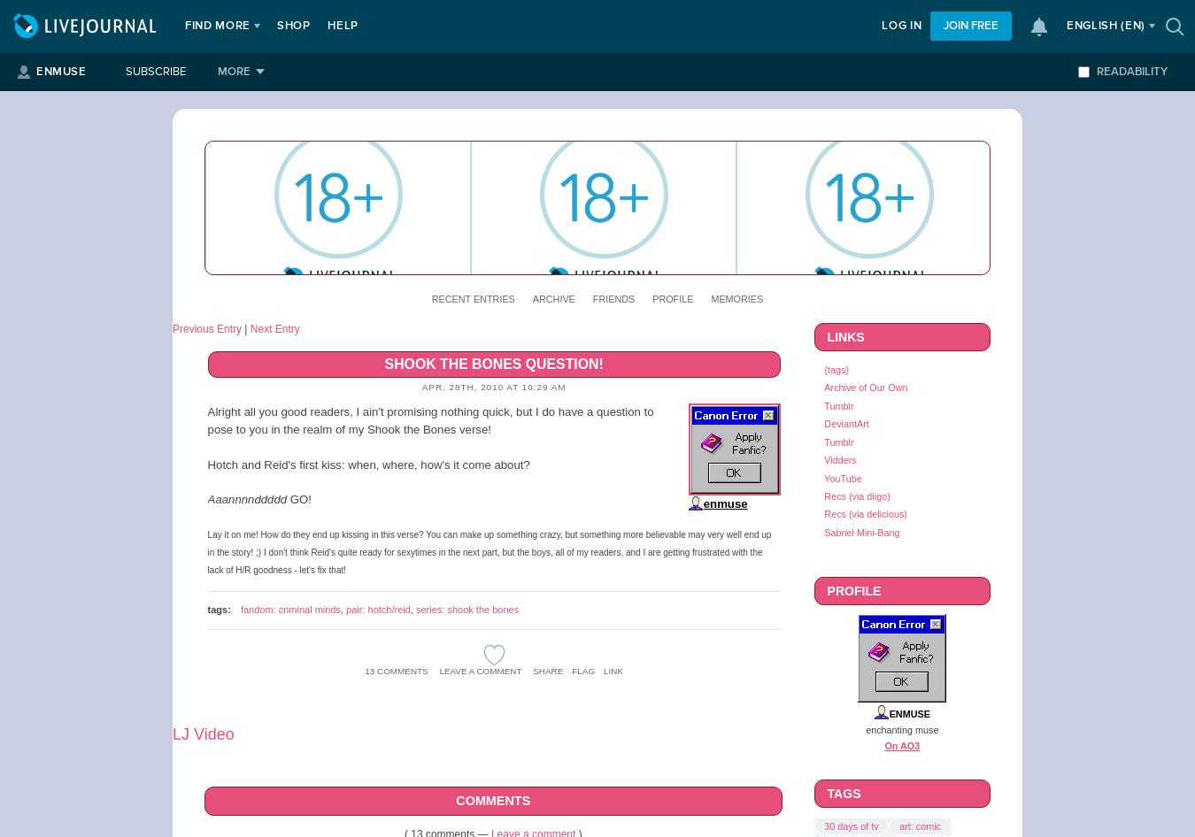 This screenshot has width=1195, height=837. I want to click on 'More', so click(232, 71).